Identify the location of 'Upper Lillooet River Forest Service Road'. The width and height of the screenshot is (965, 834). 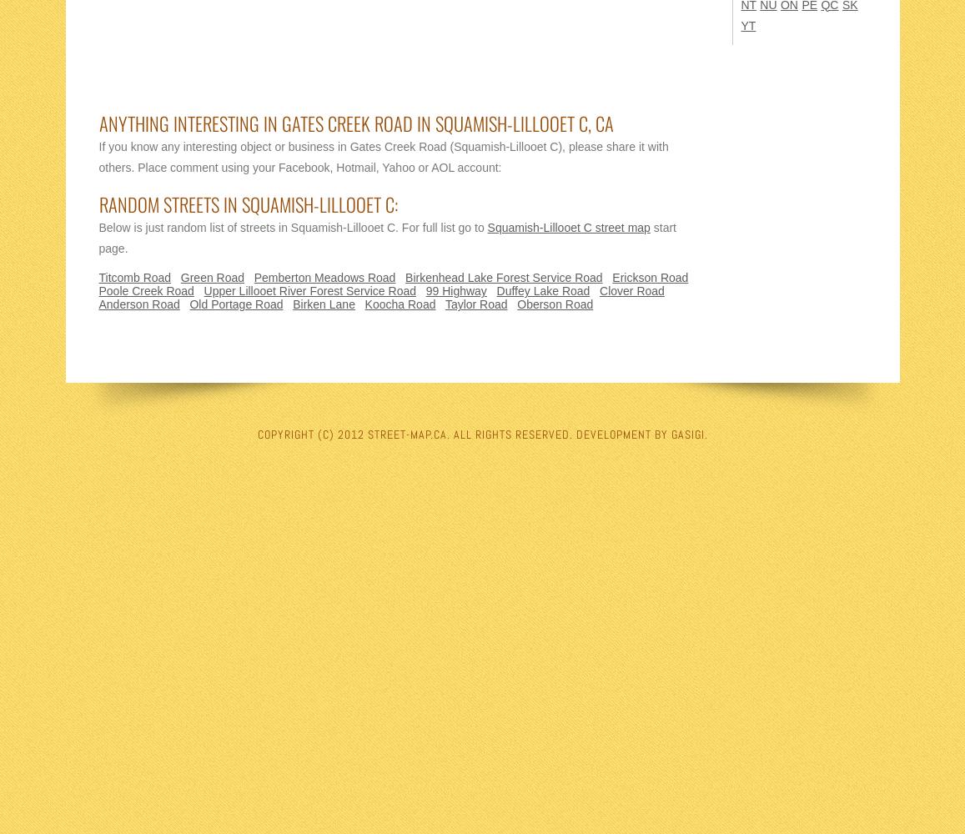
(309, 290).